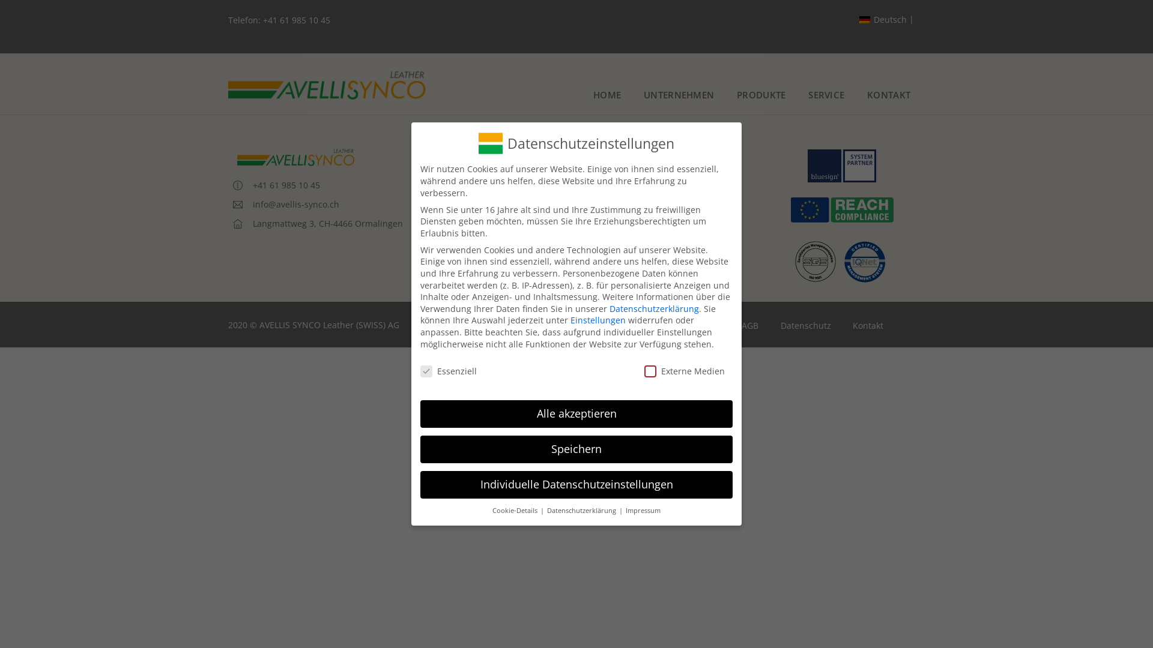 Image resolution: width=1153 pixels, height=648 pixels. What do you see at coordinates (285, 203) in the screenshot?
I see `'info@avellis-synco.ch'` at bounding box center [285, 203].